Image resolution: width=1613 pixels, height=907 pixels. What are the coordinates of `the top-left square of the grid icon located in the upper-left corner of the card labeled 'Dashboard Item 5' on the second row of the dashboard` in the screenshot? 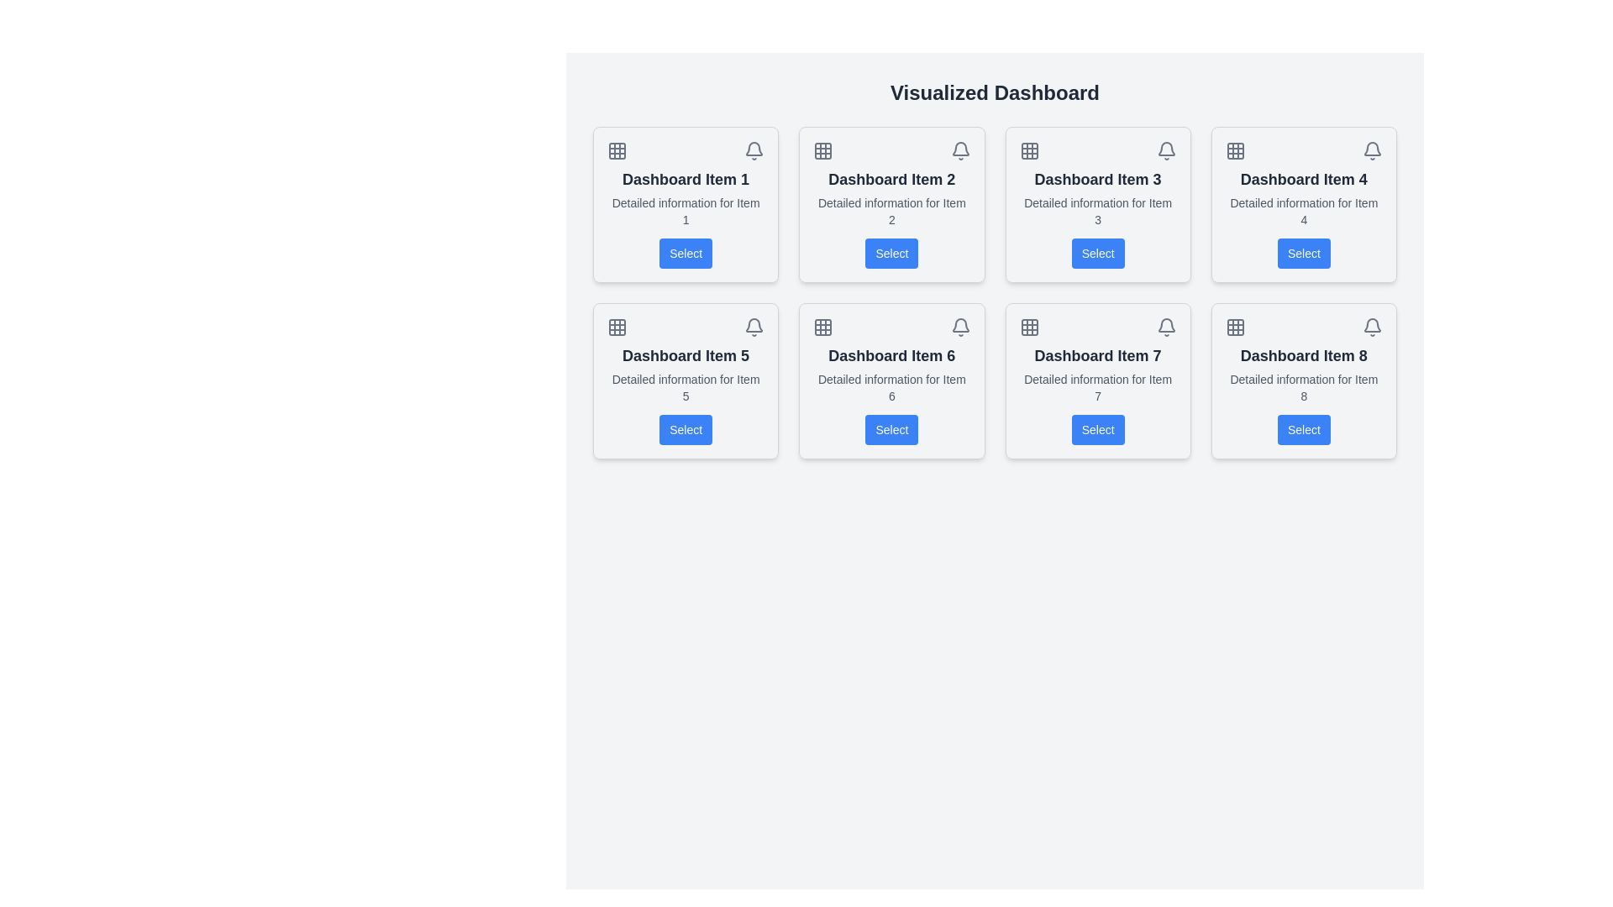 It's located at (616, 327).